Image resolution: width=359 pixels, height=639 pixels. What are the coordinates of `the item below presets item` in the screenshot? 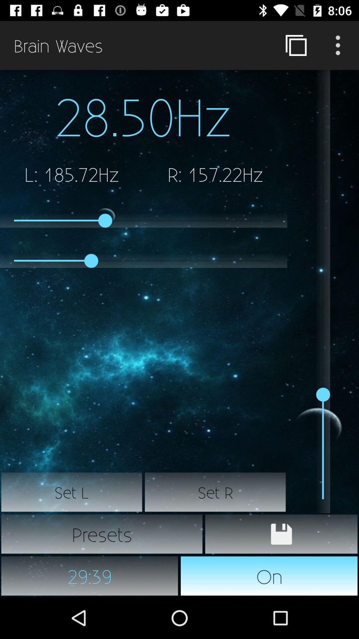 It's located at (90, 576).